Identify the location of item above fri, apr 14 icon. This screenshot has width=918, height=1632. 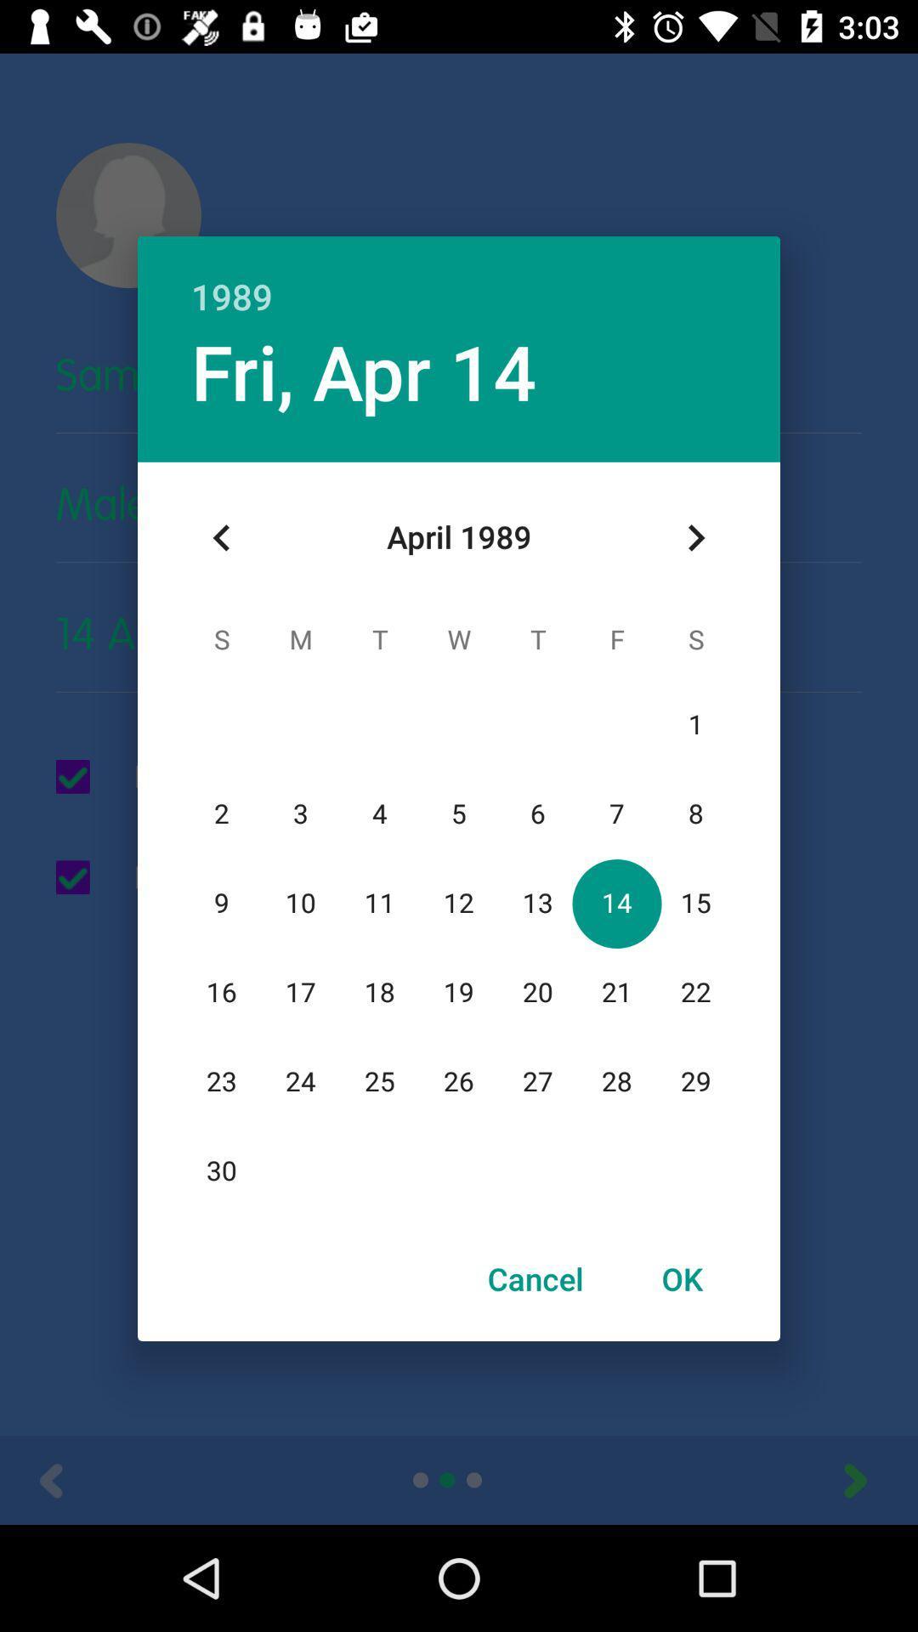
(459, 278).